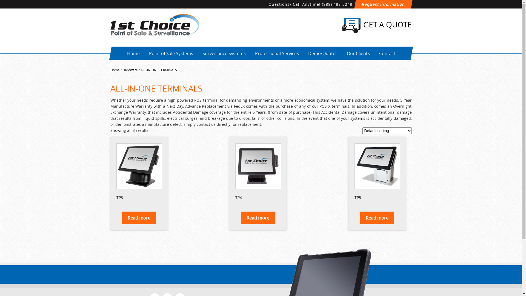 Image resolution: width=526 pixels, height=296 pixels. Describe the element at coordinates (224, 53) in the screenshot. I see `'Surveillance Systems'` at that location.